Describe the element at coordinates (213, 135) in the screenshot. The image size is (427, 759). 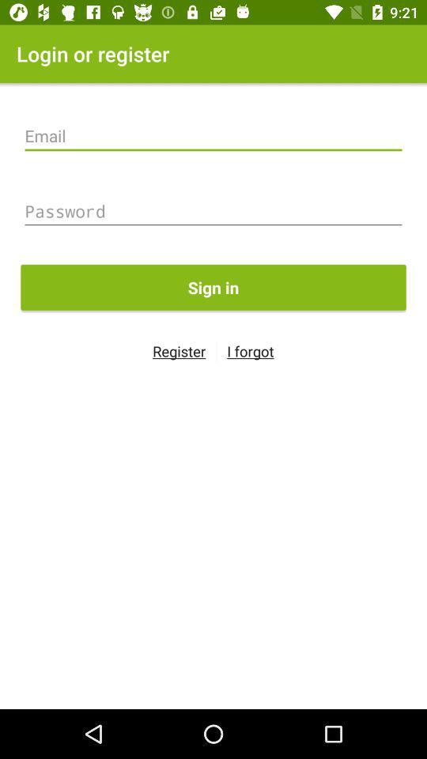
I see `email in the box` at that location.